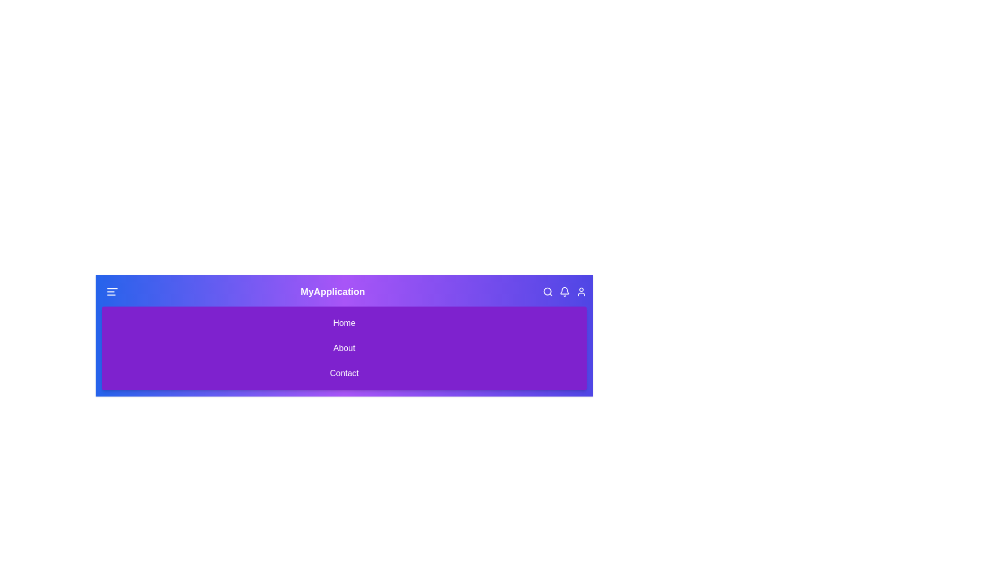 The image size is (1004, 565). I want to click on the search icon to initiate the search functionality, so click(547, 292).